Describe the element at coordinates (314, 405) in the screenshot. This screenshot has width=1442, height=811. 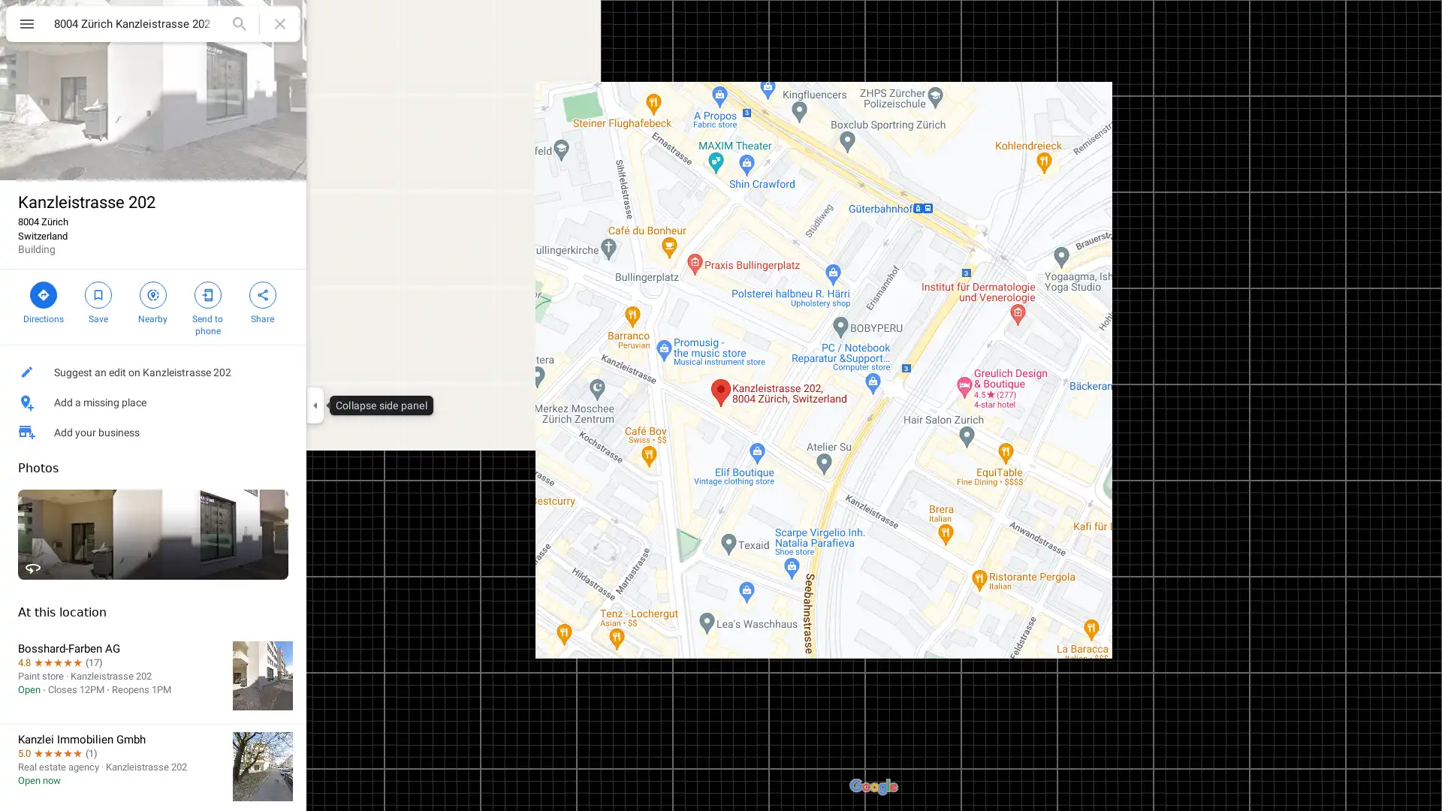
I see `Collapse side panel` at that location.